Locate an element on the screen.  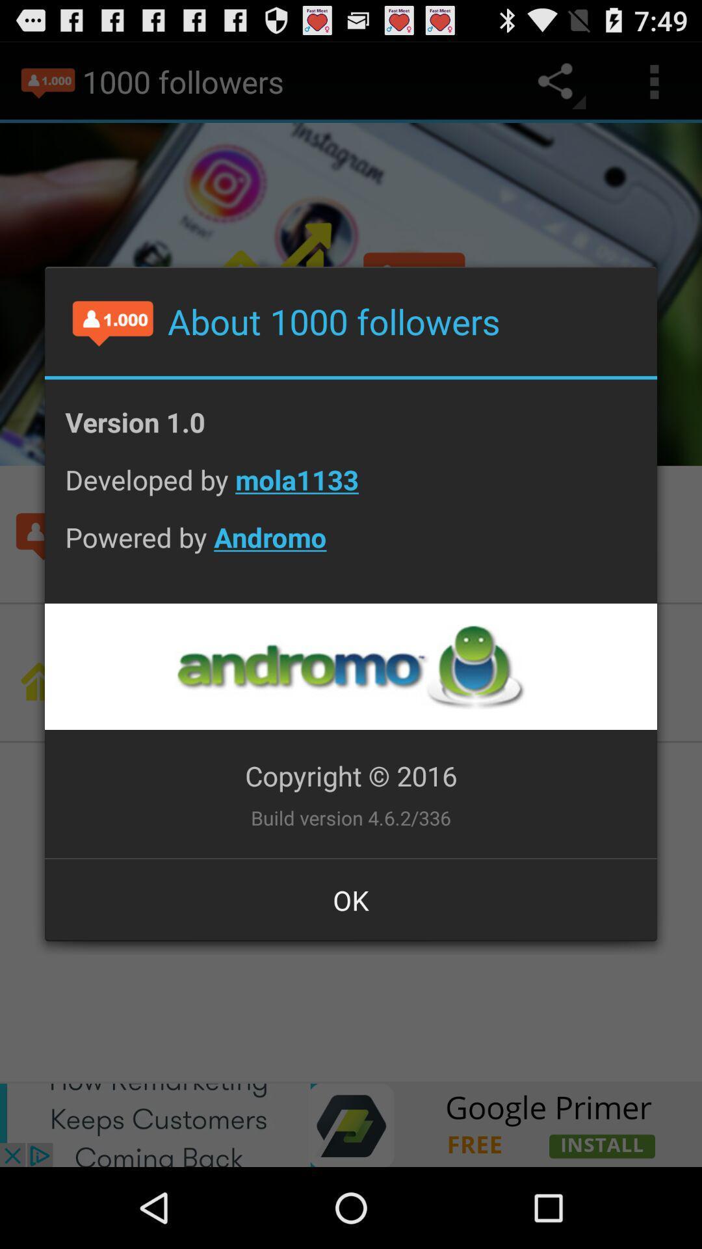
icon below build version 4 is located at coordinates (351, 899).